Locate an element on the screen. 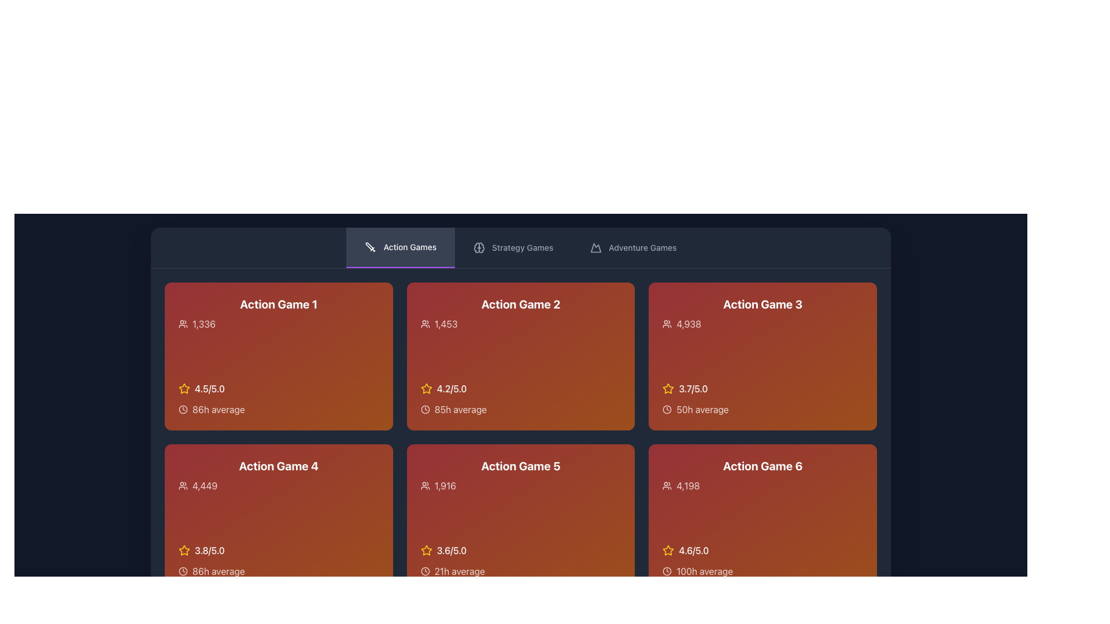 This screenshot has width=1110, height=624. the icon depicting a group of people silhouettes, located in the top left corner of the sixth card labeled 'Action Game 6', preceding the text '4,198' is located at coordinates (667, 485).